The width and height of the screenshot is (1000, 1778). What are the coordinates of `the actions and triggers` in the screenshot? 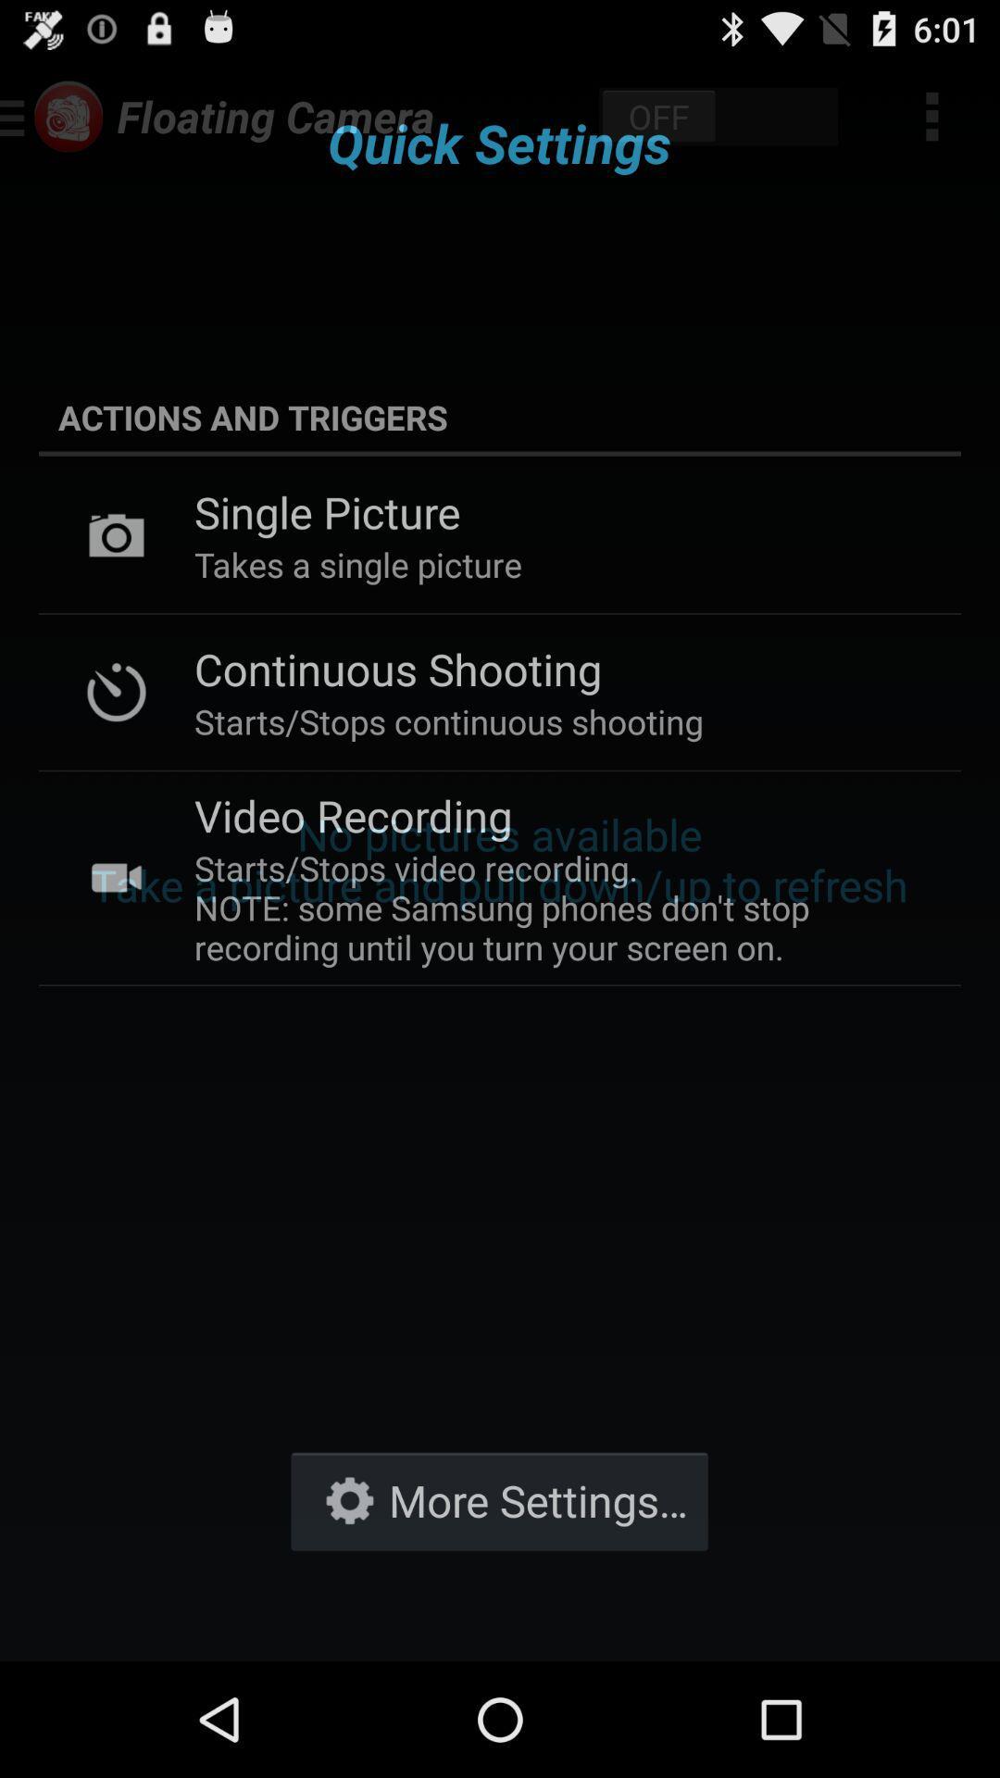 It's located at (500, 416).